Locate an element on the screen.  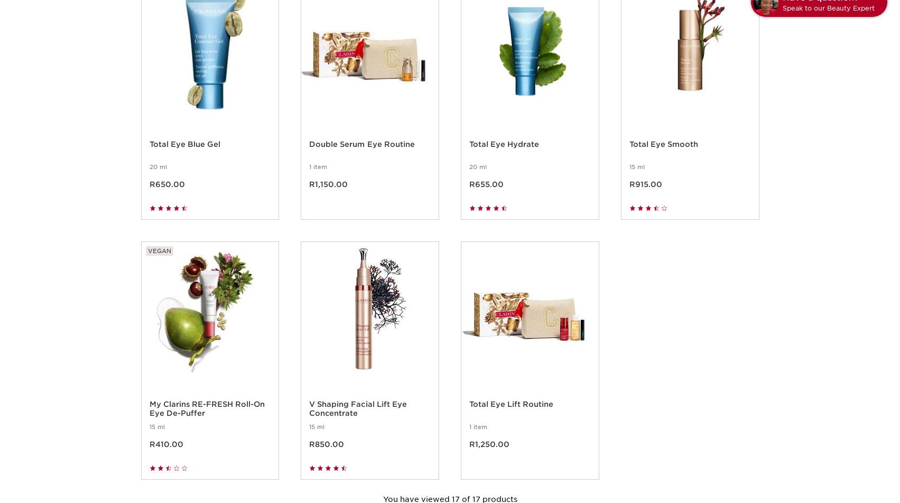
'Total Eye Smooth' is located at coordinates (663, 156).